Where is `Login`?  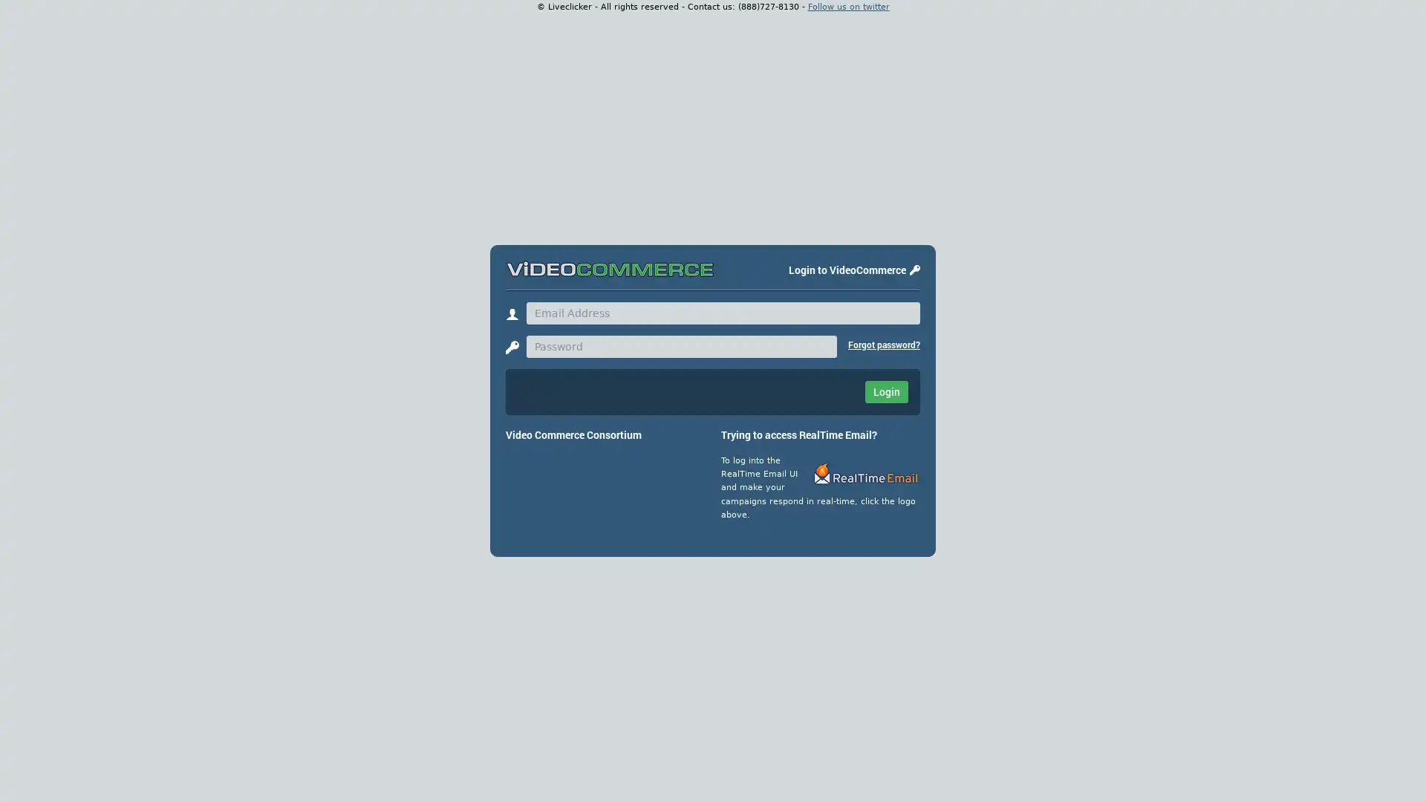
Login is located at coordinates (887, 391).